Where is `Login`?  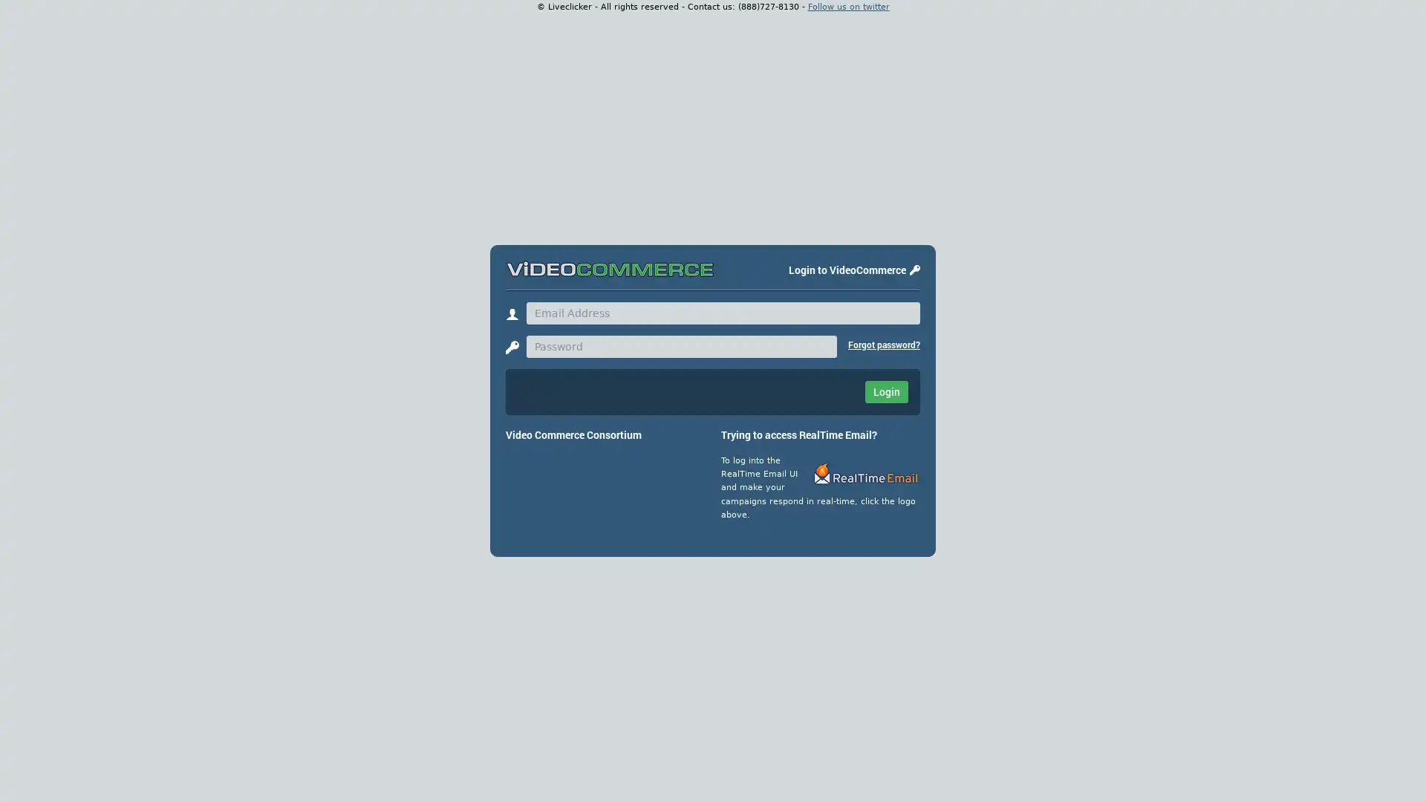
Login is located at coordinates (887, 391).